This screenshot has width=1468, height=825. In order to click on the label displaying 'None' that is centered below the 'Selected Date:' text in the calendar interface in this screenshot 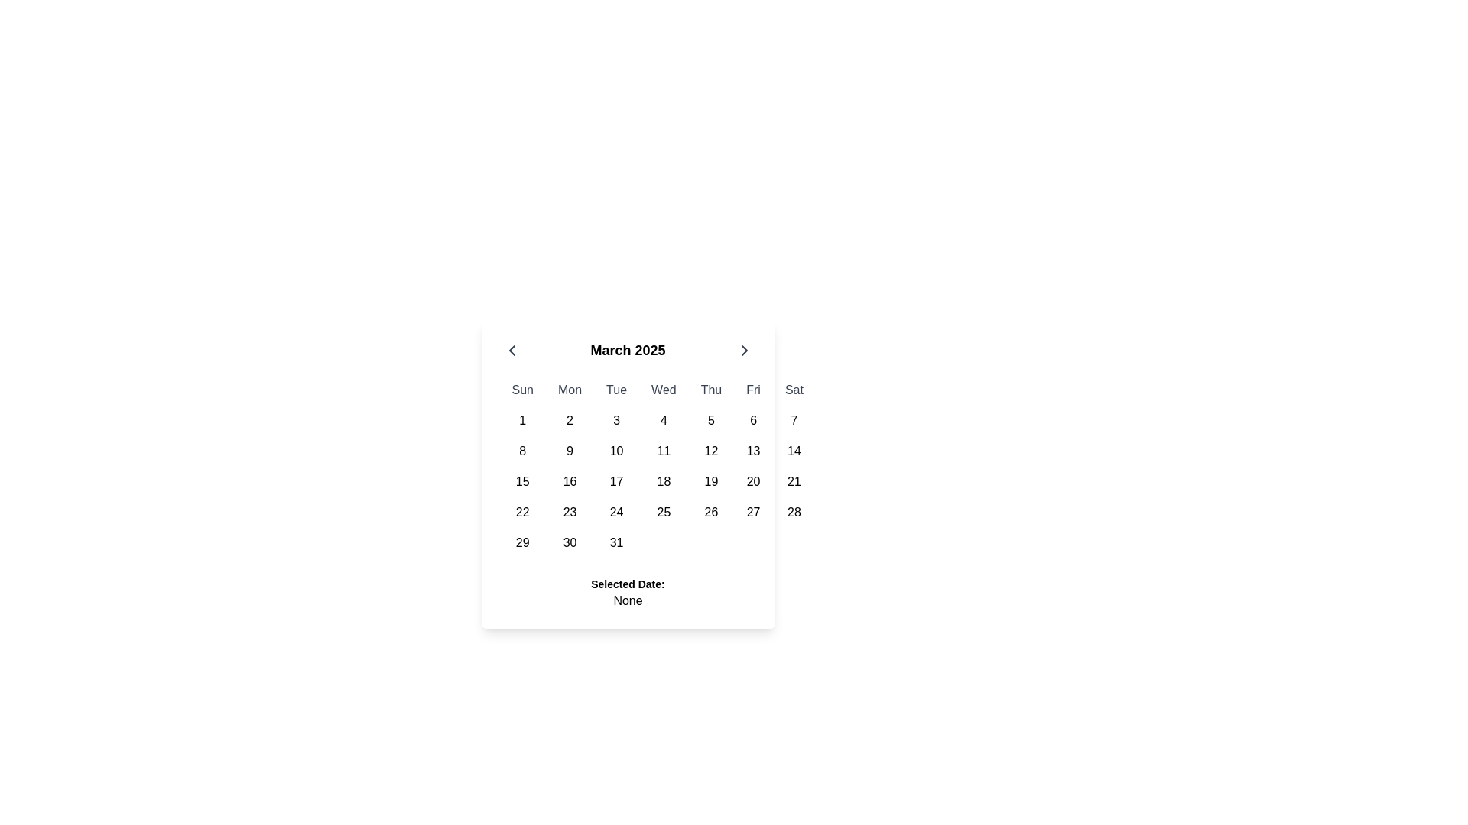, I will do `click(628, 600)`.